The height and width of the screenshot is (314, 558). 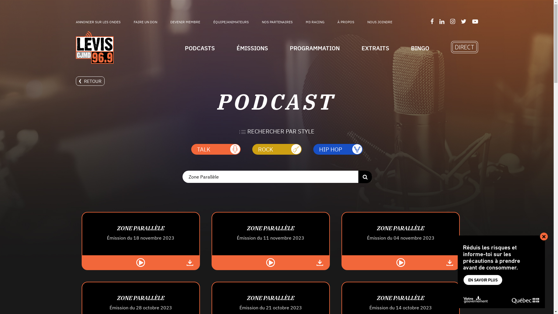 I want to click on 'Suivez-nous sur Instagram', so click(x=450, y=21).